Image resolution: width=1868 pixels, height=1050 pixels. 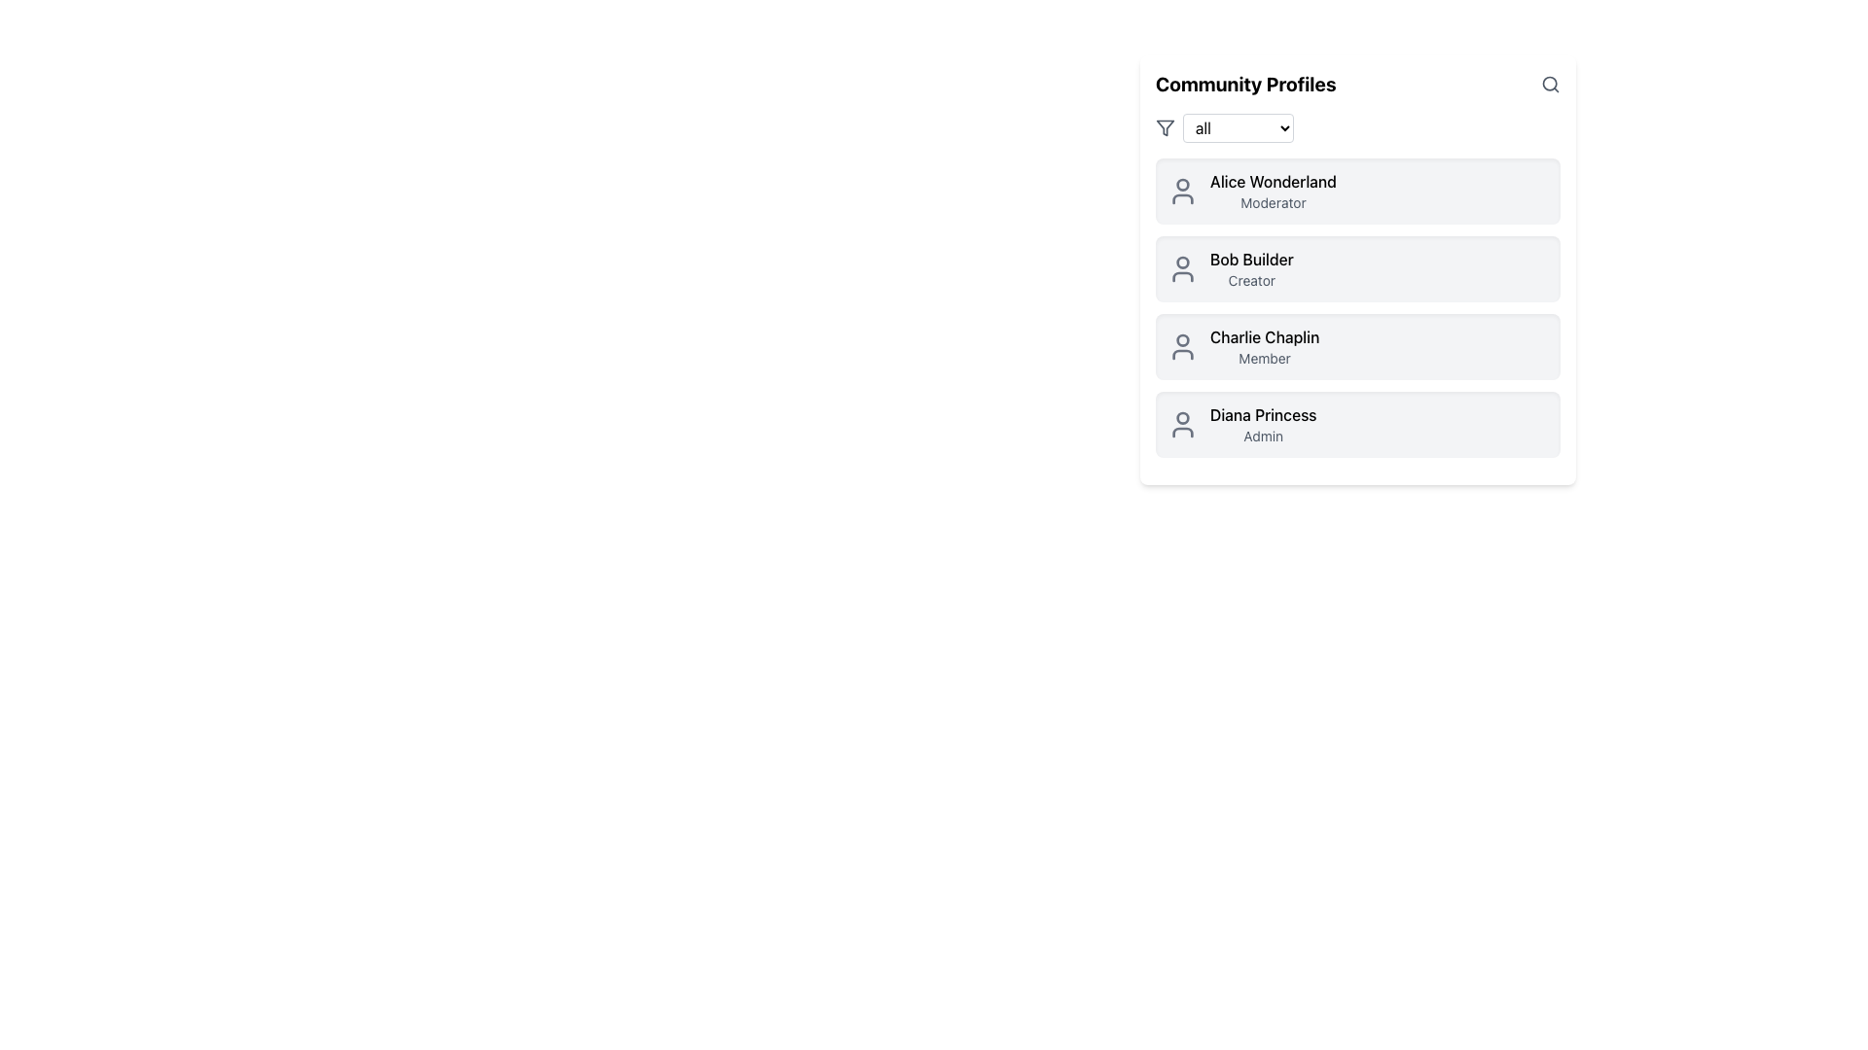 I want to click on the user's profile summary card located in the 'Community Profiles' section, which is the fourth item in a vertical list beneath 'Charlie Chaplin Member', so click(x=1357, y=423).